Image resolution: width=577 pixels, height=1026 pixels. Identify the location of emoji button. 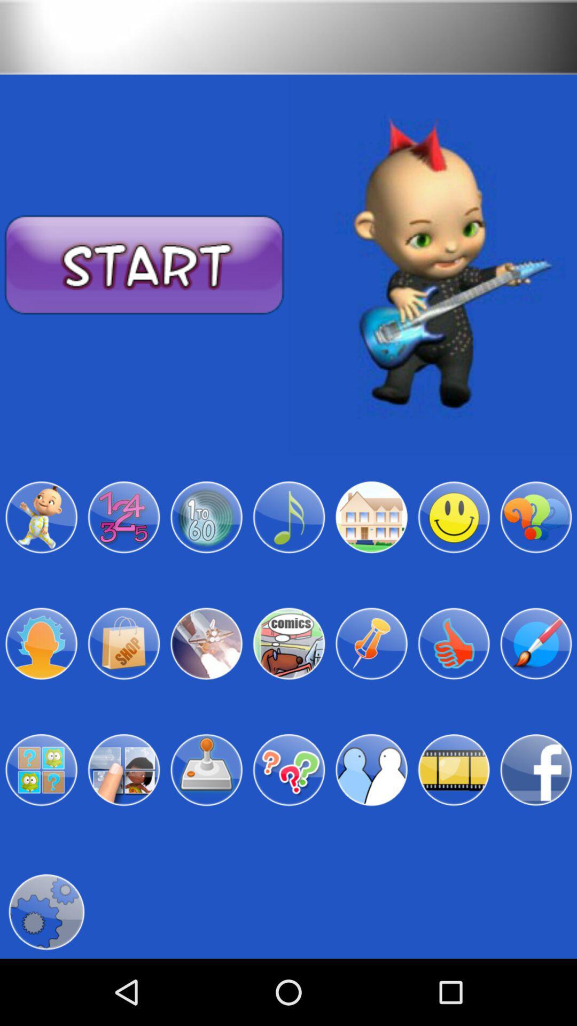
(454, 517).